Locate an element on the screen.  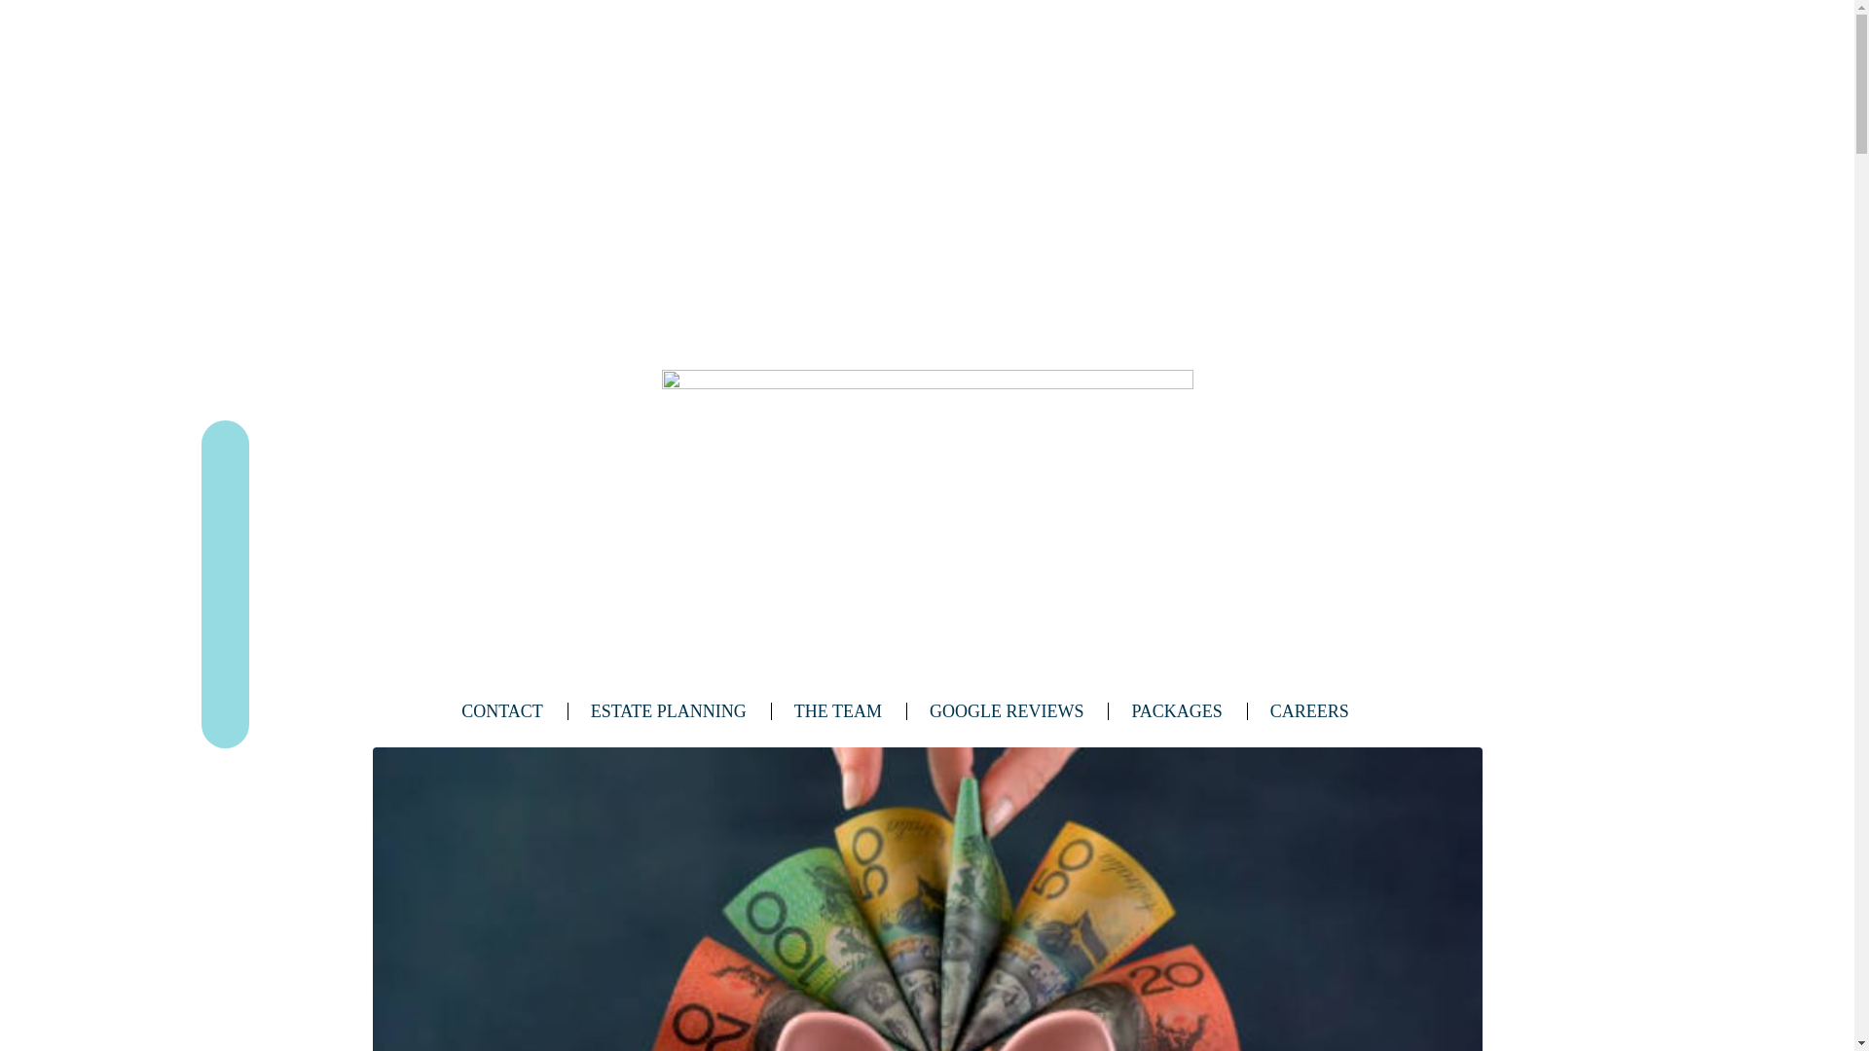
'ESTATE PLANNING' is located at coordinates (681, 711).